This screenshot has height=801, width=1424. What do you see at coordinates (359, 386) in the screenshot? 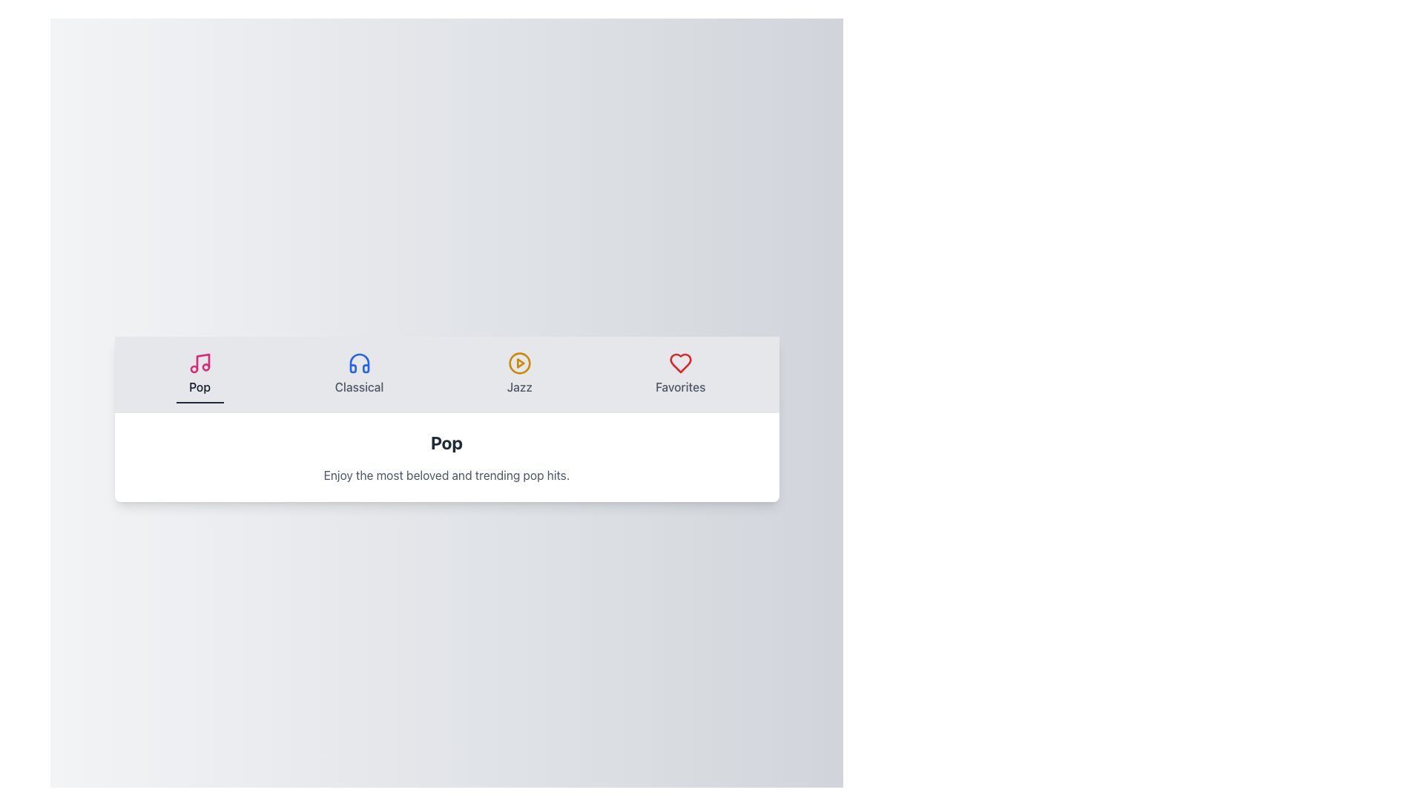
I see `the text label displaying 'Classical'` at bounding box center [359, 386].